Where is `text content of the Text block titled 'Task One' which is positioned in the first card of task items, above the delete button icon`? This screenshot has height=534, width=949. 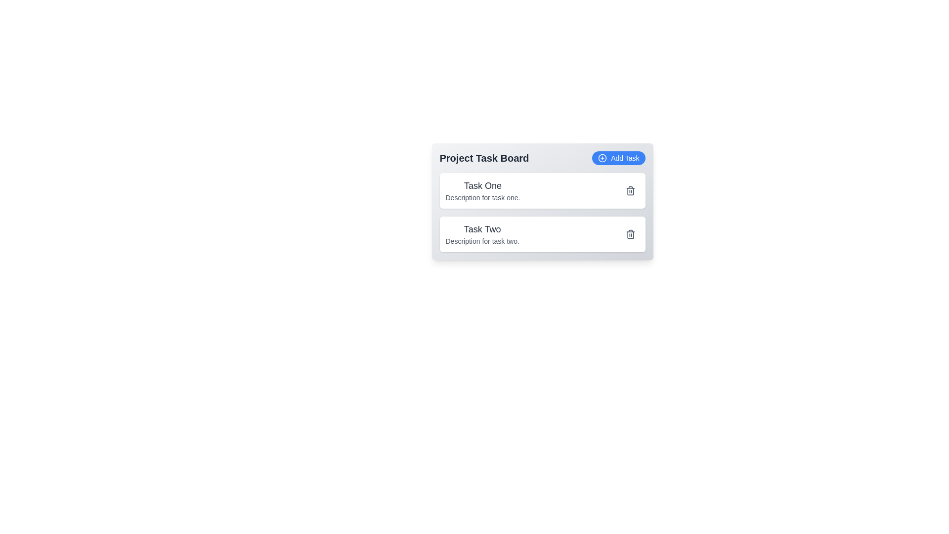
text content of the Text block titled 'Task One' which is positioned in the first card of task items, above the delete button icon is located at coordinates (482, 190).